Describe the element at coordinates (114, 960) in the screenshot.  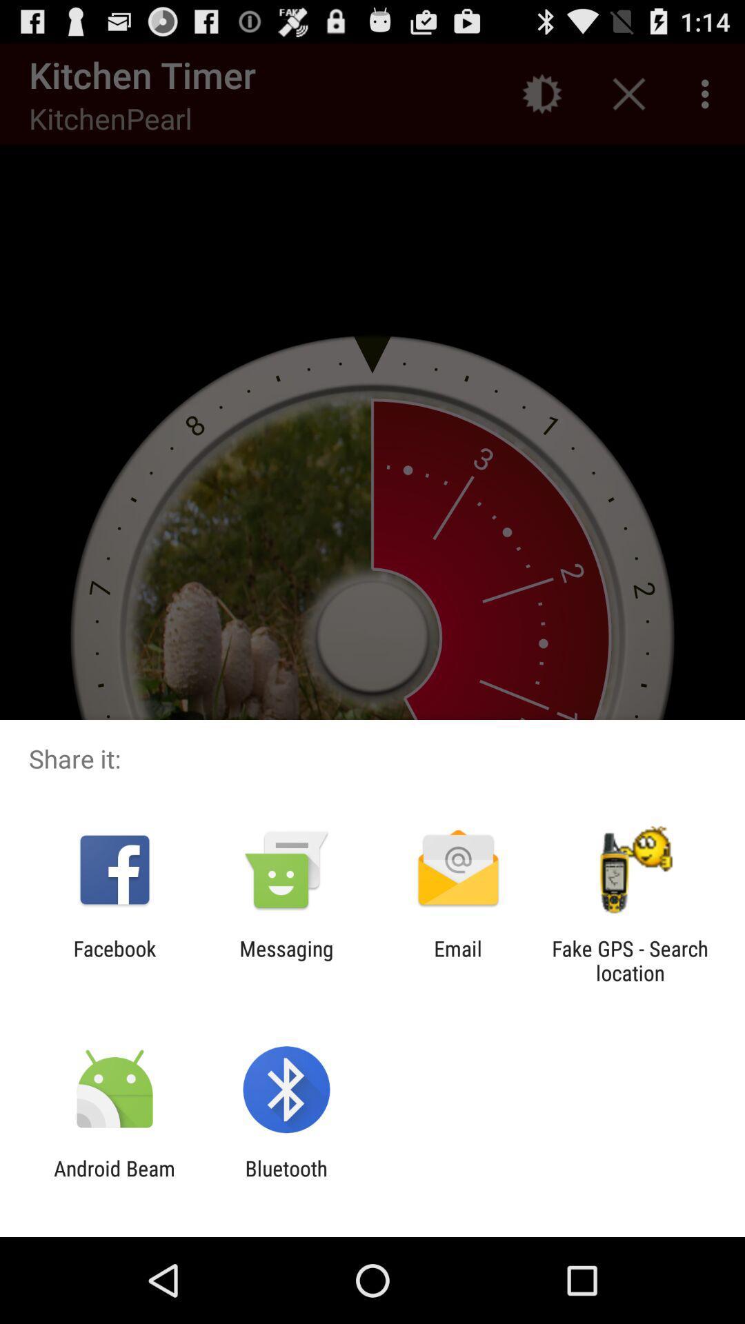
I see `app next to the messaging icon` at that location.